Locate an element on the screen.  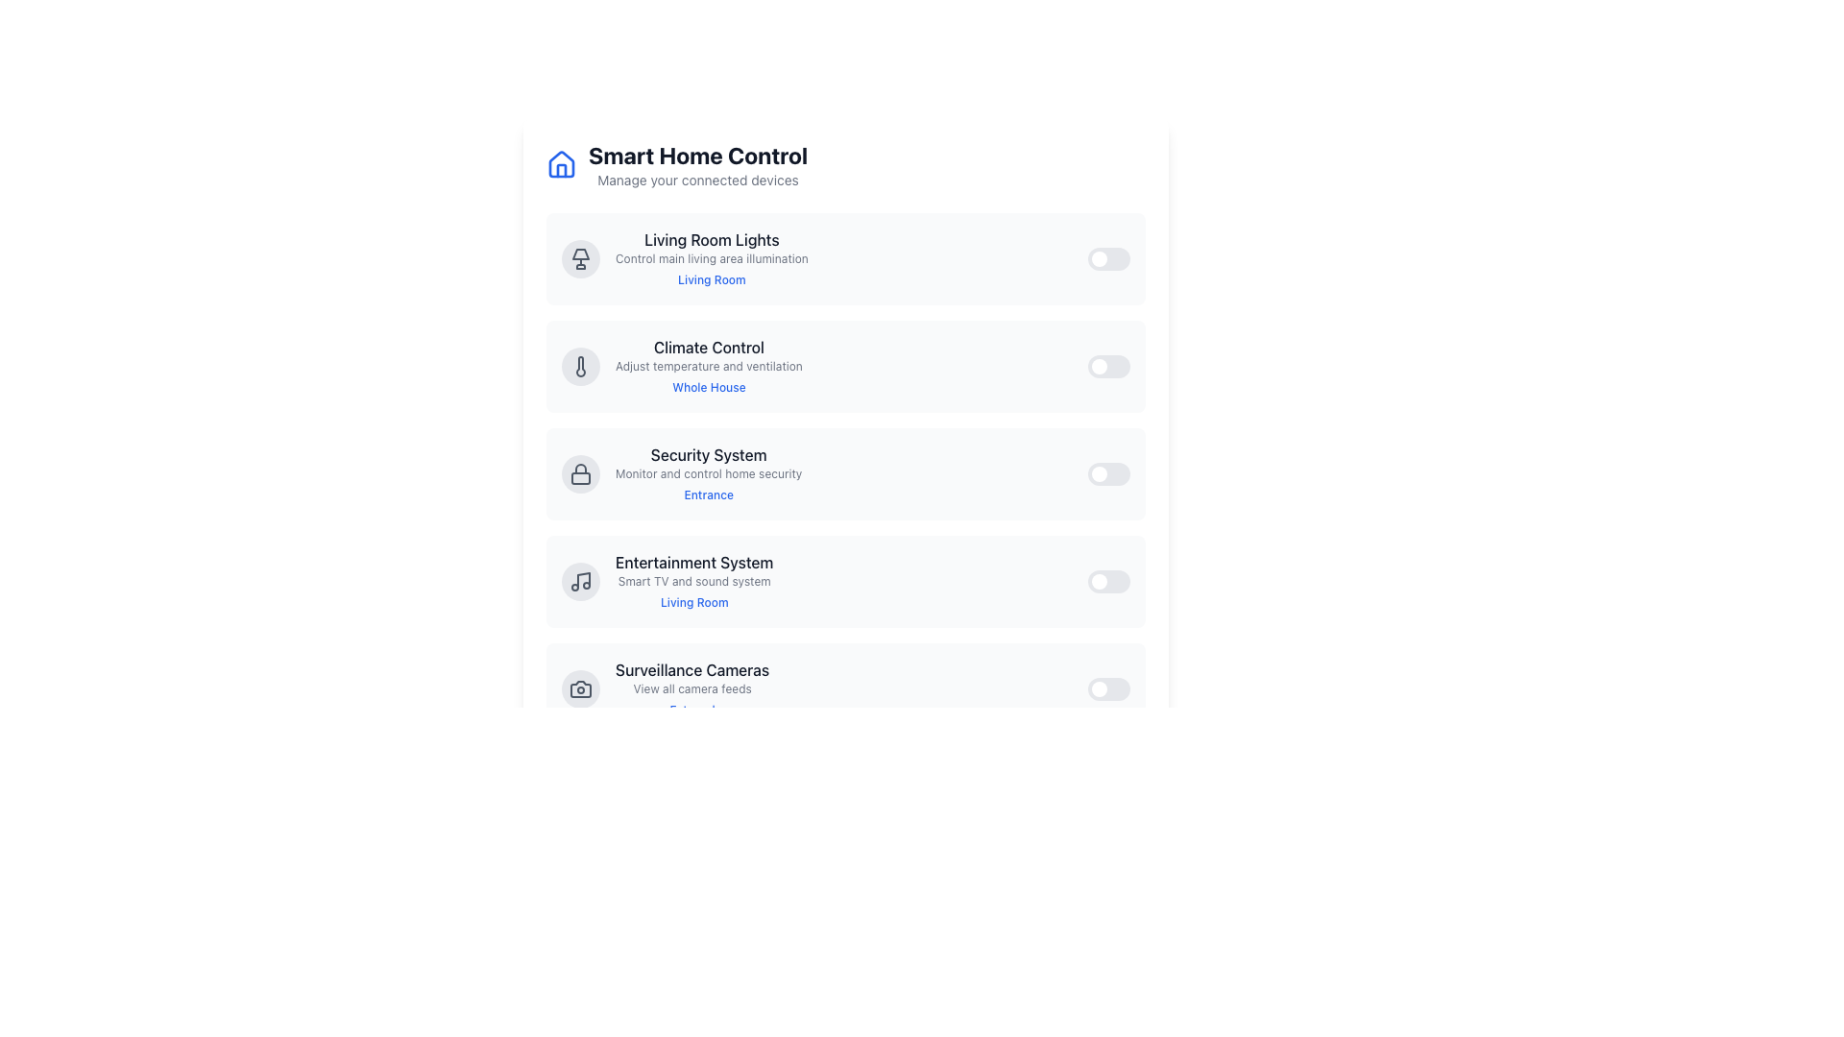
the circular toggle handle of the 'Toggle device' switch to change its state is located at coordinates (1100, 687).